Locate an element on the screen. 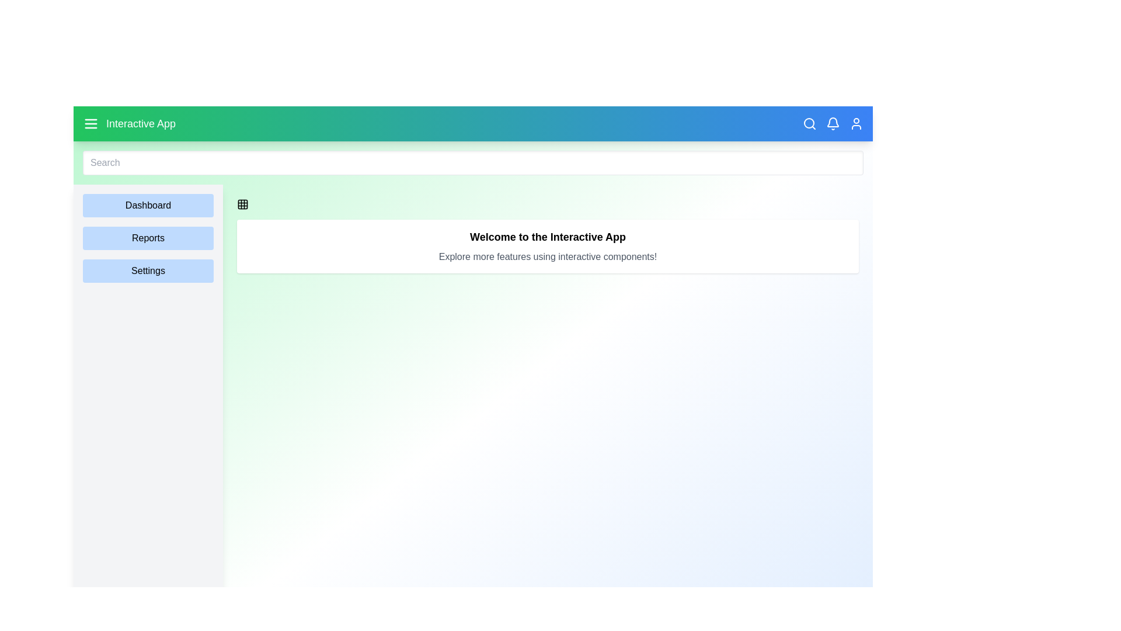  the notification icon to interact with it is located at coordinates (832, 124).